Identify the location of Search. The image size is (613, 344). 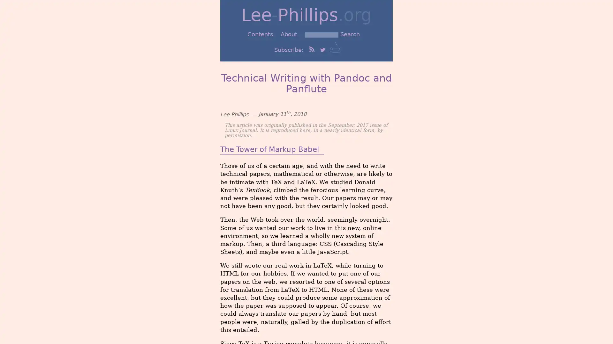
(350, 34).